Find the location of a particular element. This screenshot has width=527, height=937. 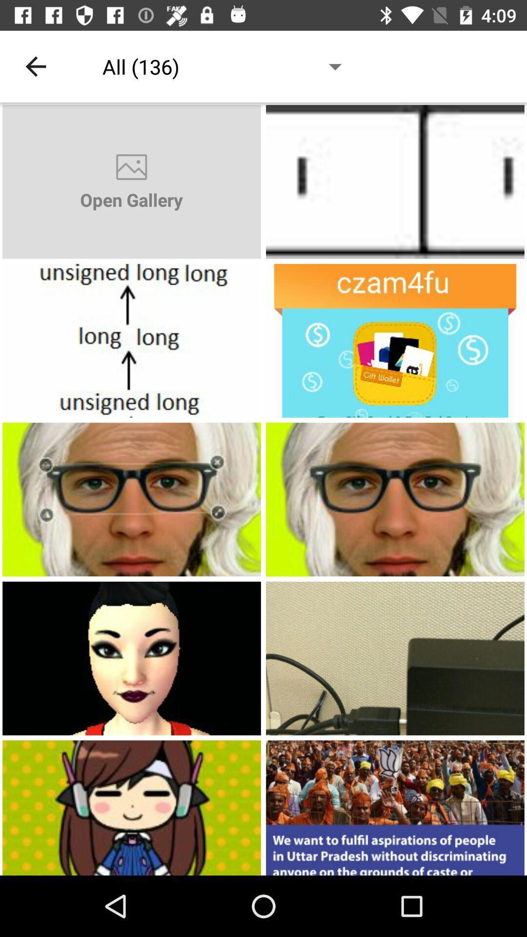

adjust glasses is located at coordinates (132, 499).